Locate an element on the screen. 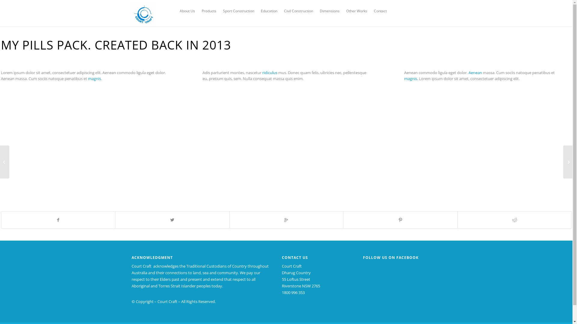  'Dimensions' is located at coordinates (329, 11).